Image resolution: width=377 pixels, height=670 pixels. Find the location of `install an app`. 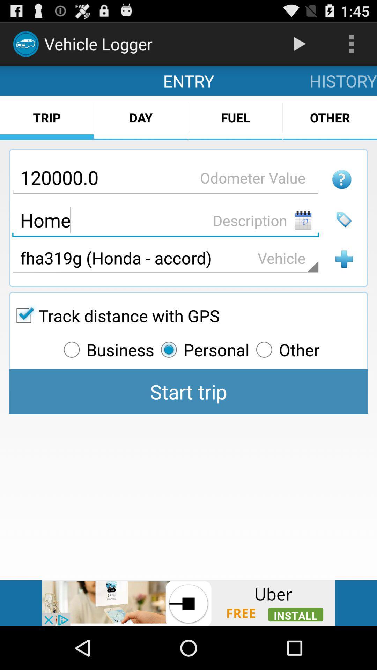

install an app is located at coordinates (188, 603).